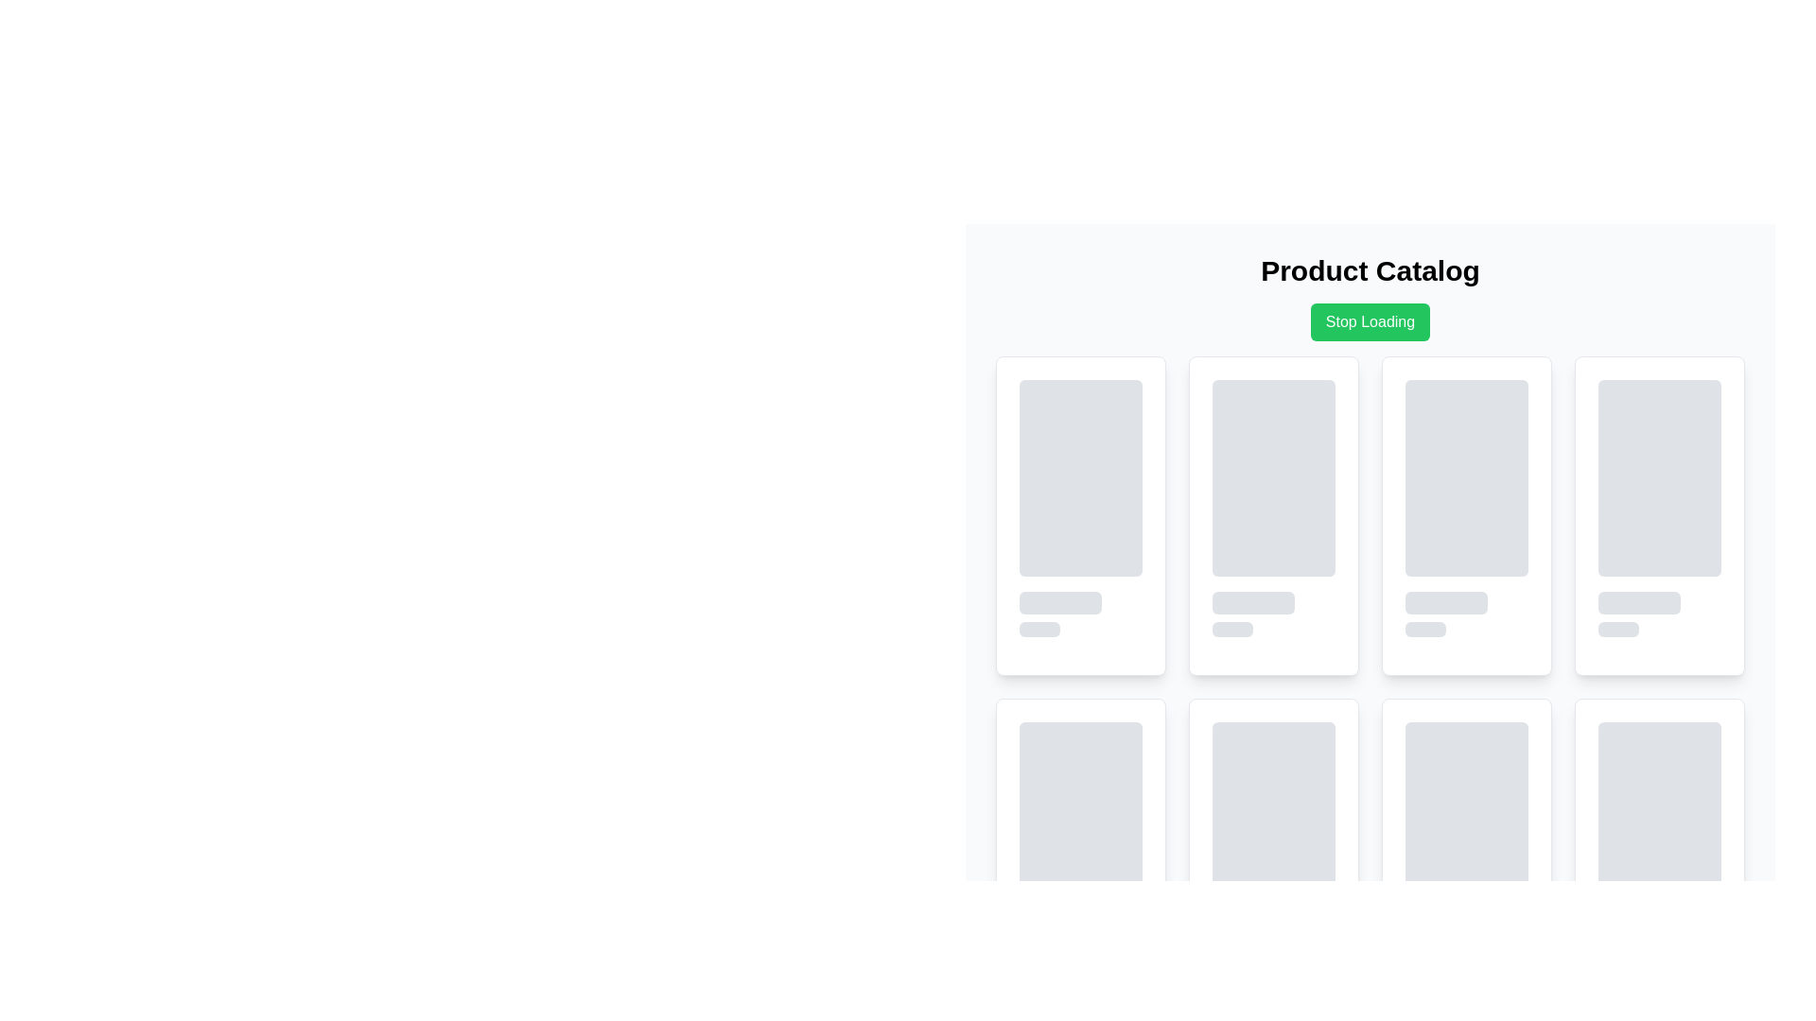  Describe the element at coordinates (1274, 819) in the screenshot. I see `the visual placeholder that serves as a loading animation, located in the first position of a vertical stack within a grid layout` at that location.